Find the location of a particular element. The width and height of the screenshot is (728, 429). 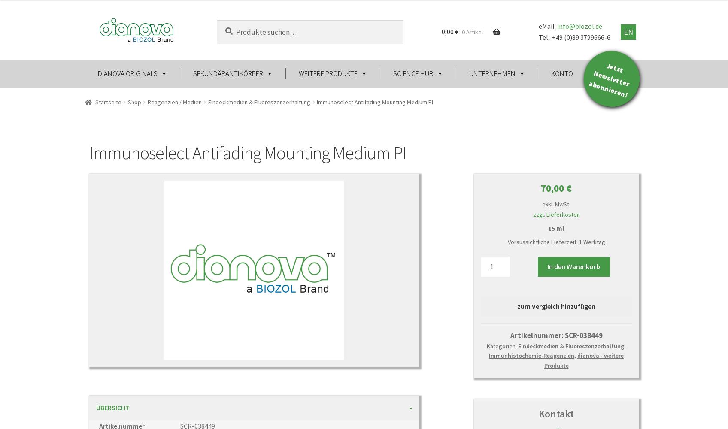

'Kategorien:' is located at coordinates (502, 346).